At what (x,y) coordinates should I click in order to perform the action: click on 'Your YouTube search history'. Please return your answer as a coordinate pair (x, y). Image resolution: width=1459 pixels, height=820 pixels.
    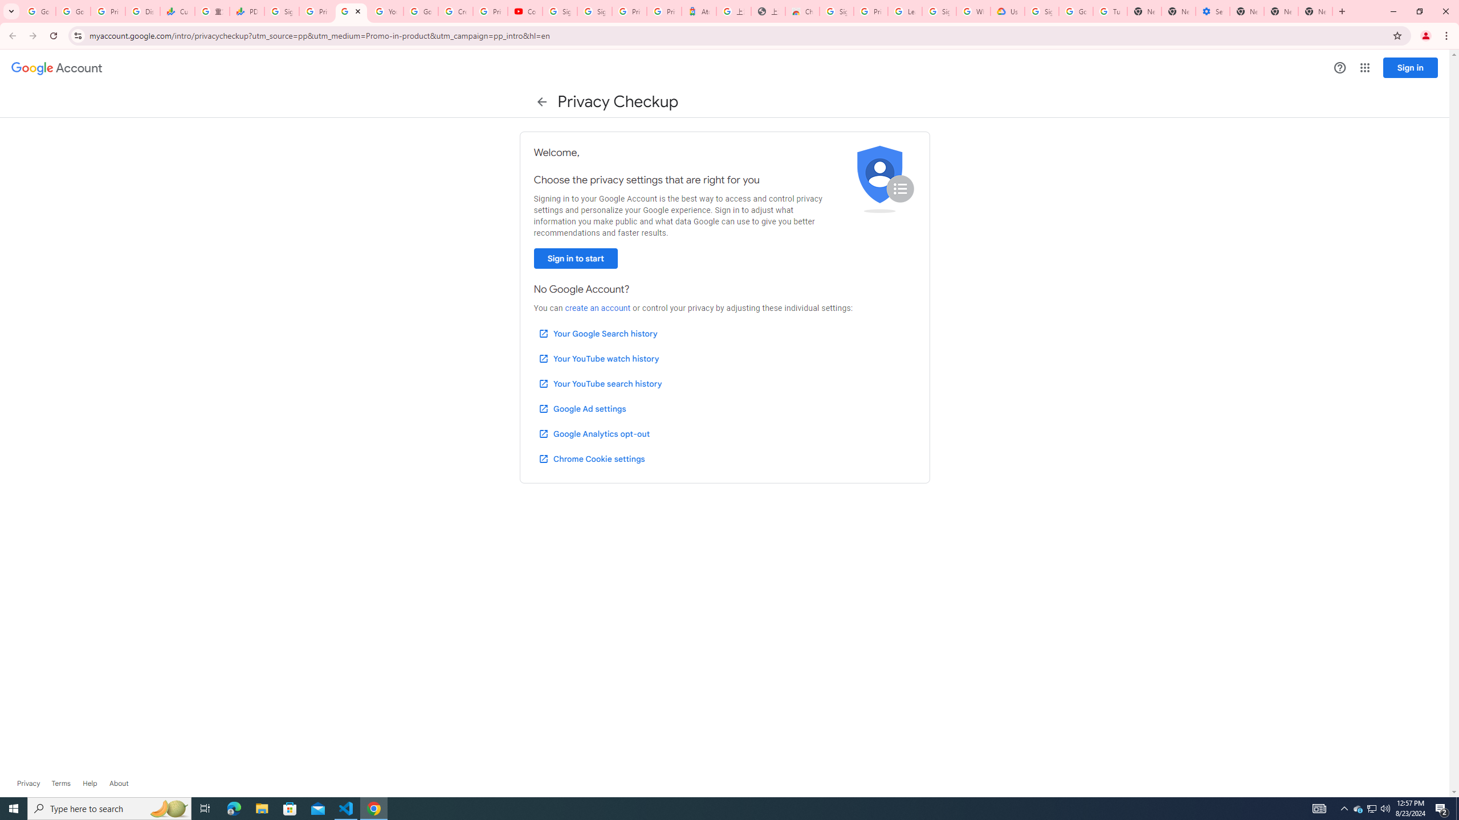
    Looking at the image, I should click on (600, 384).